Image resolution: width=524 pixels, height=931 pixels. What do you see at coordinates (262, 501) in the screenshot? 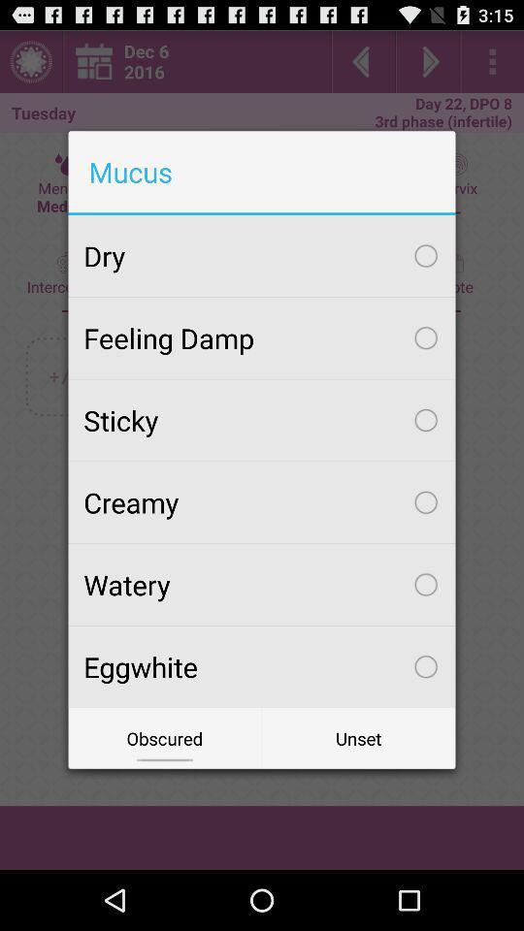
I see `the icon below sticky checkbox` at bounding box center [262, 501].